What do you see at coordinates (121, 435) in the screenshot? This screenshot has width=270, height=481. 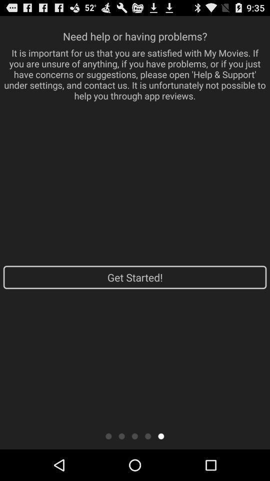 I see `the item below the get started! item` at bounding box center [121, 435].